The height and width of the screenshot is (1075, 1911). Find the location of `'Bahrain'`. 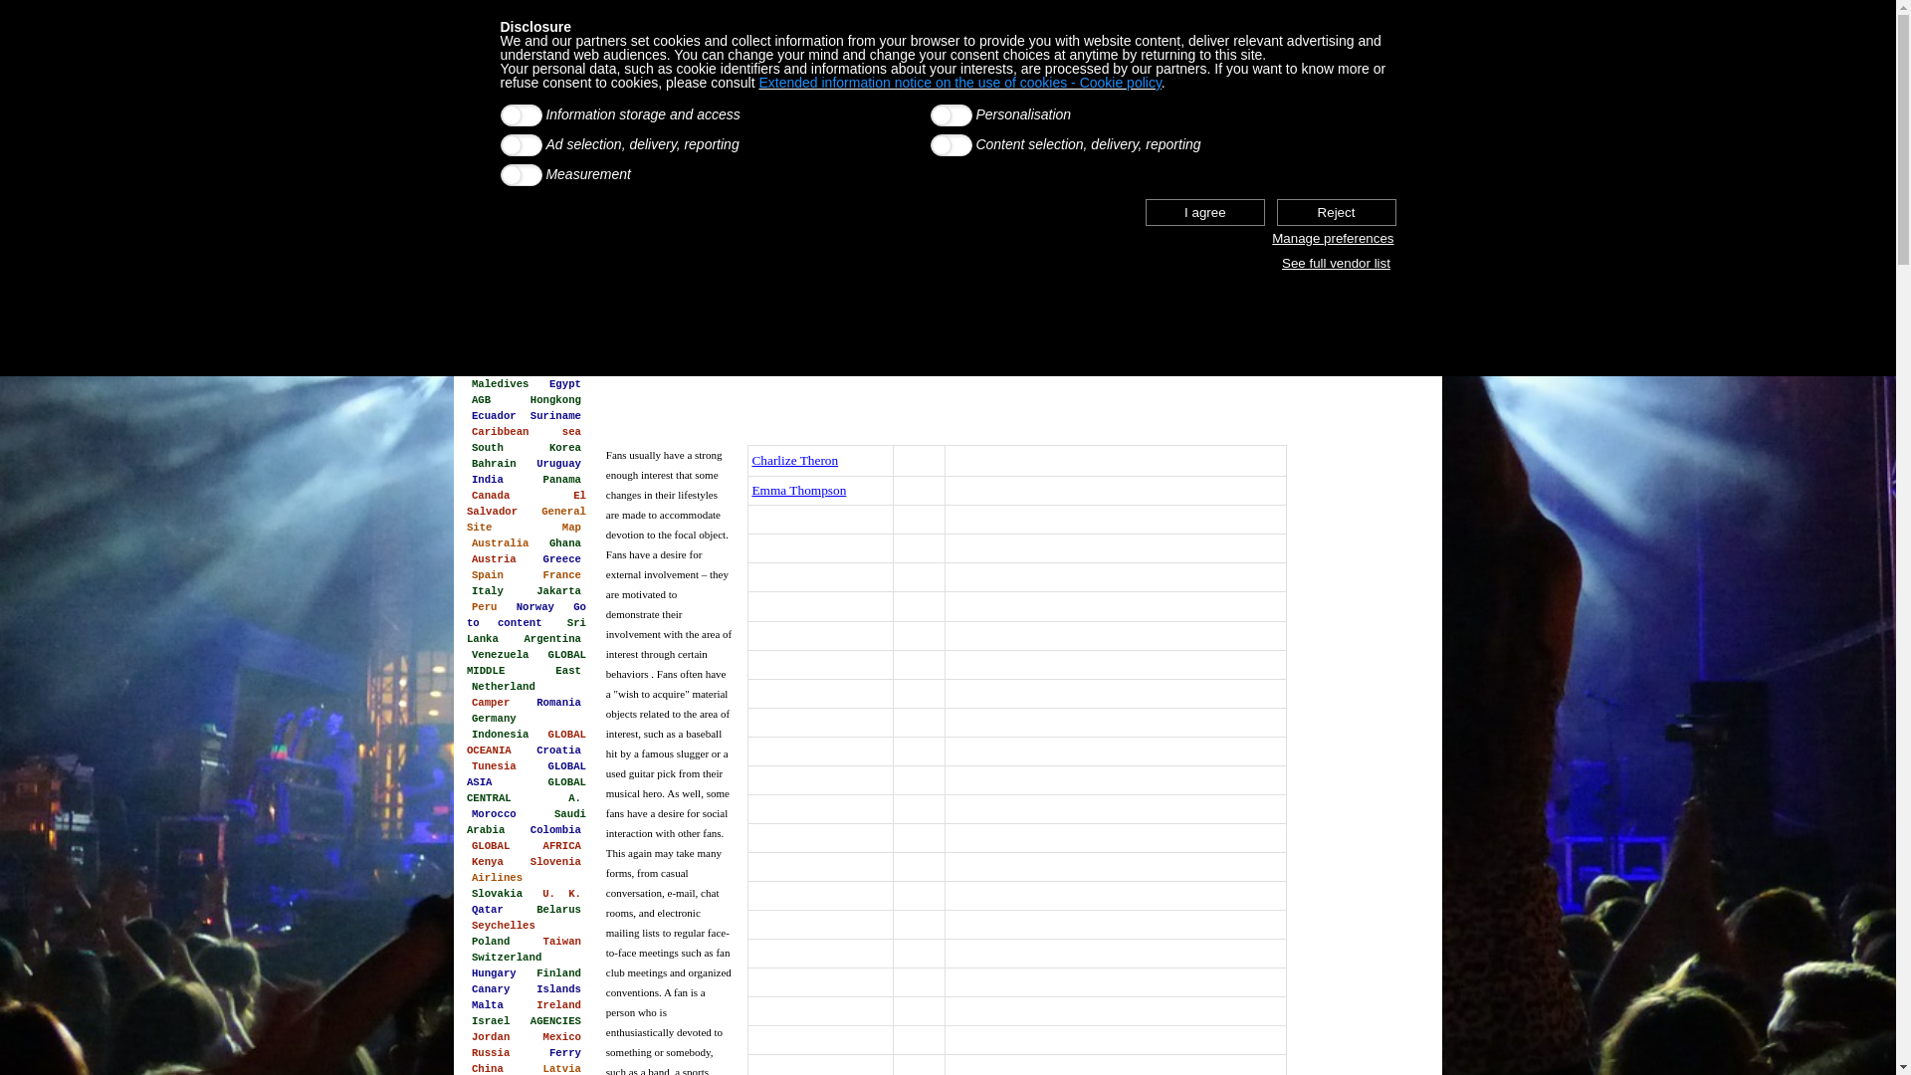

'Bahrain' is located at coordinates (494, 464).